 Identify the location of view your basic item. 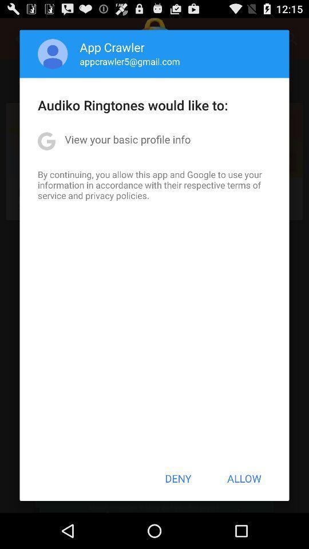
(127, 138).